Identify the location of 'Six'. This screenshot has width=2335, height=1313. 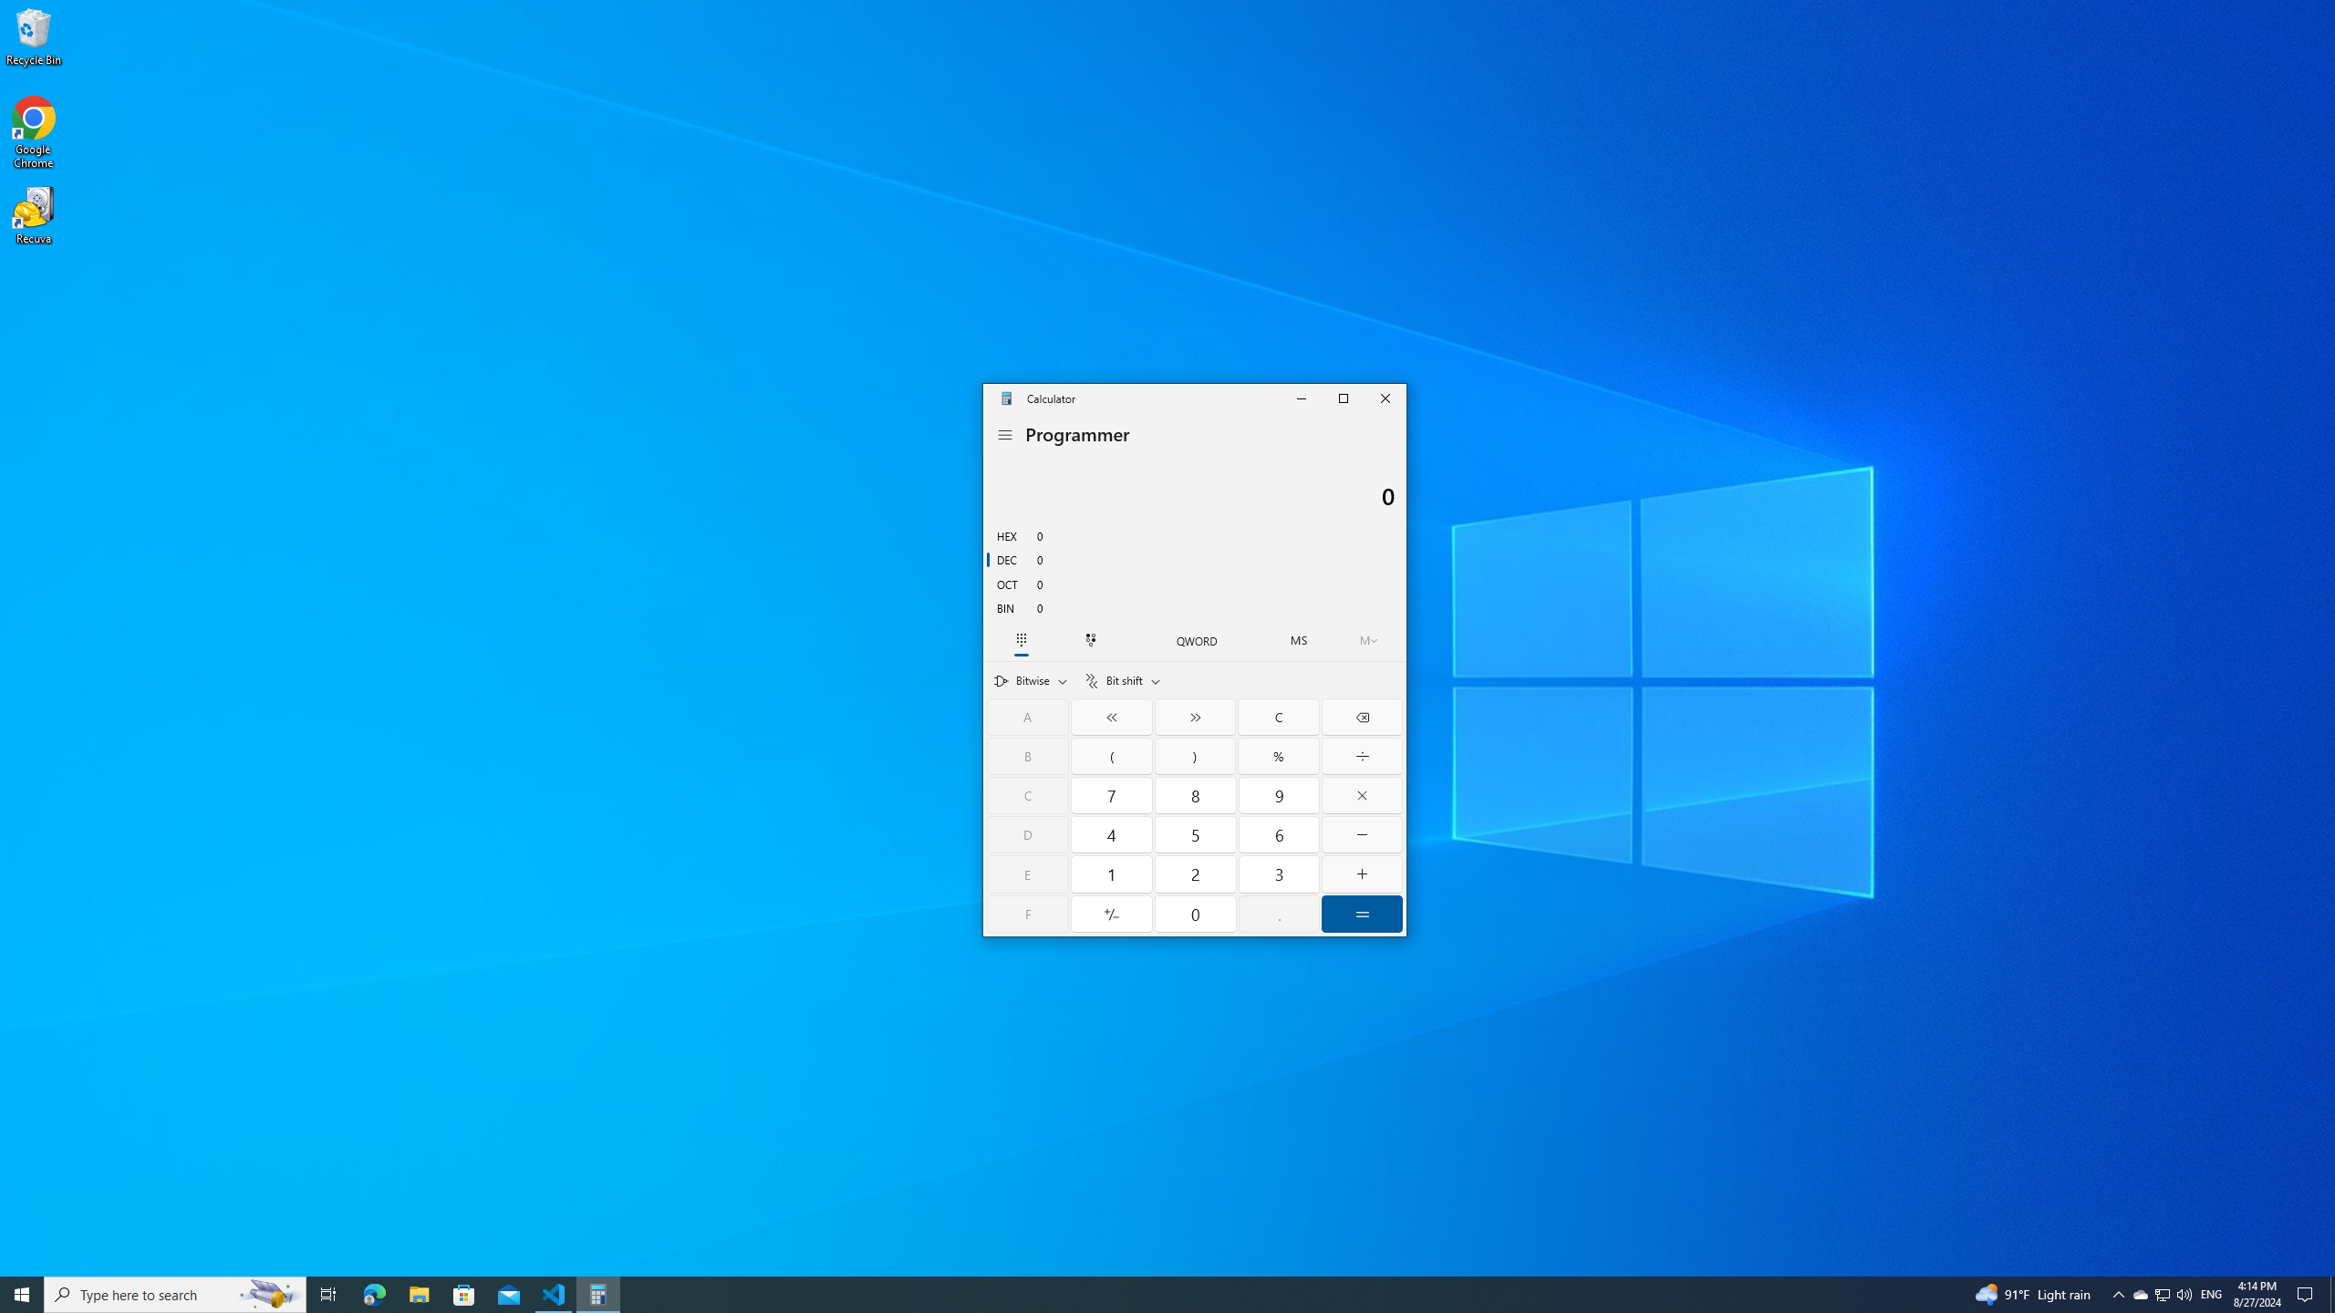
(1278, 834).